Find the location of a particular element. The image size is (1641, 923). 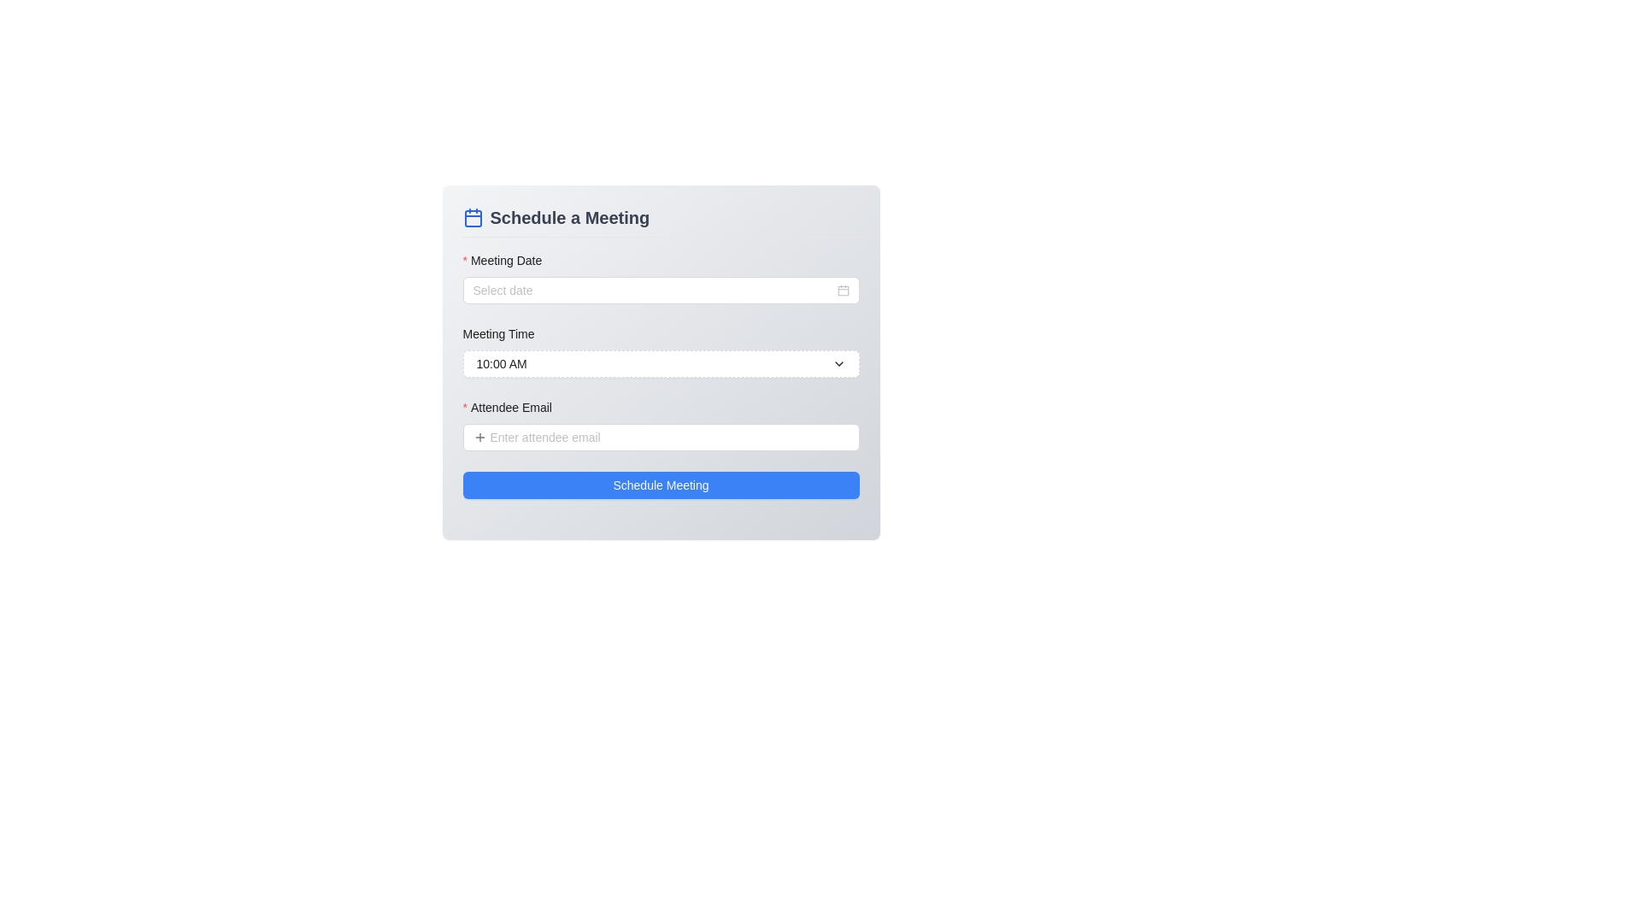

the 'Meeting Time' dropdown time picker input field by tabbing to it is located at coordinates (660, 350).